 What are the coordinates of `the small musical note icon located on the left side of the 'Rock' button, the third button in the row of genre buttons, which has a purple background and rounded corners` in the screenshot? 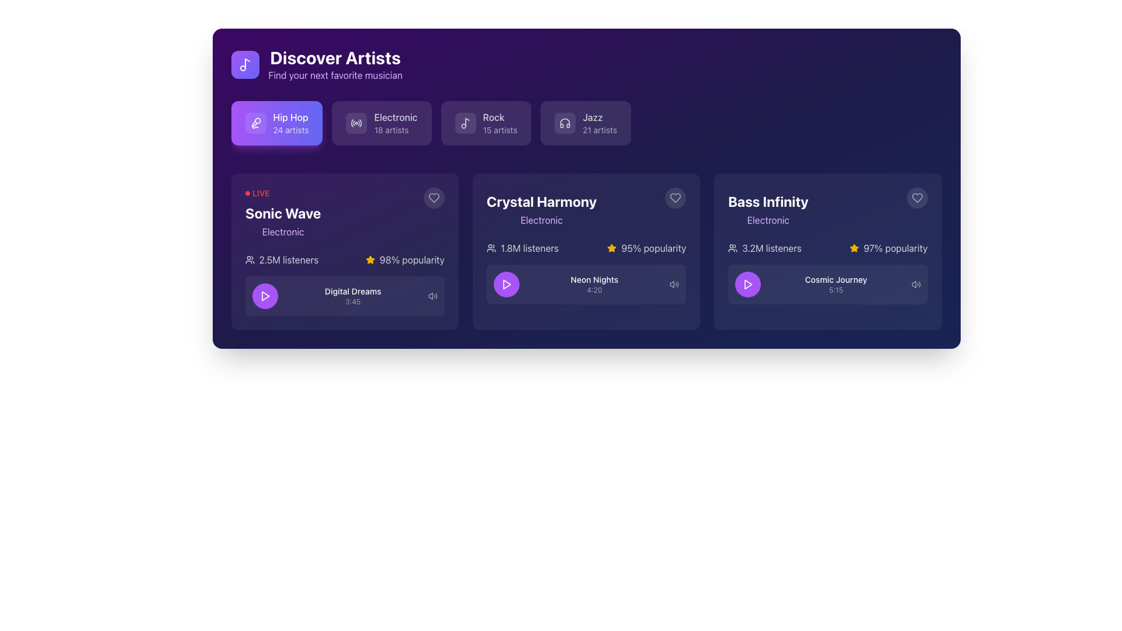 It's located at (465, 123).